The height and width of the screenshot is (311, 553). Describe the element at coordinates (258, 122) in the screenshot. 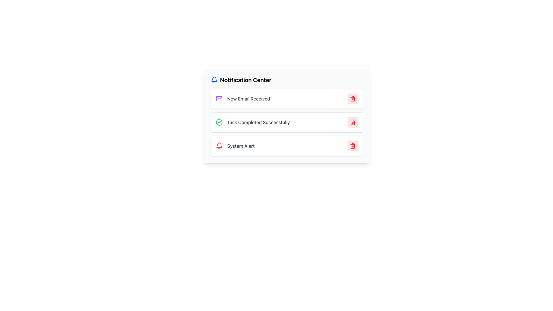

I see `the text label displaying 'Task Completed Successfully' in the Notification Center, located between a green circular icon and a delete button` at that location.